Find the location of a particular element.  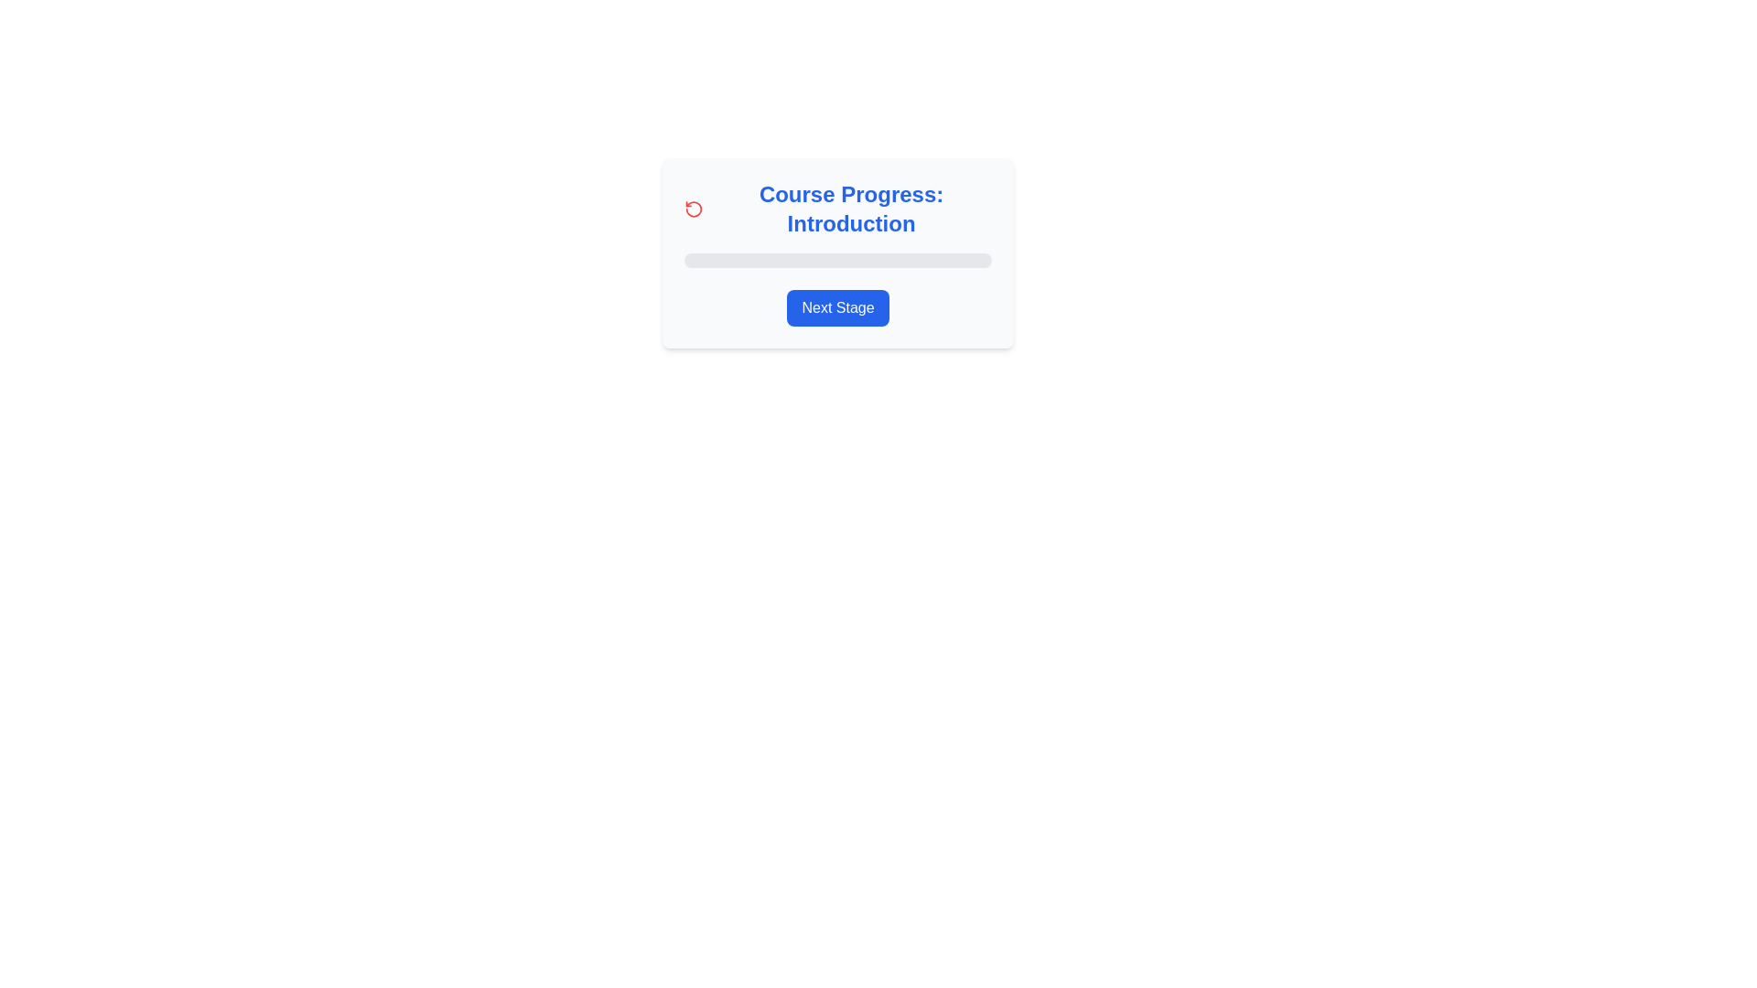

the button located at the bottom of the 'Course Progress: Introduction' card is located at coordinates (837, 306).